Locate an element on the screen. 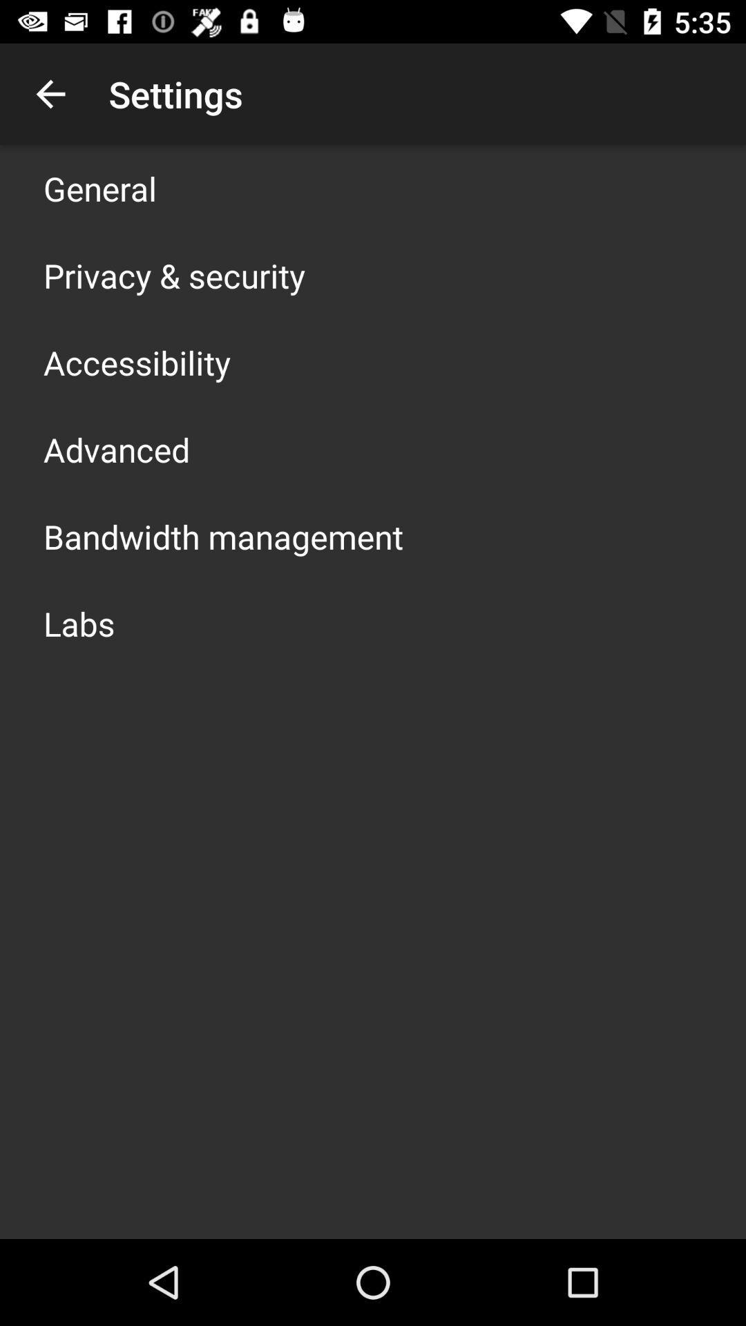 Image resolution: width=746 pixels, height=1326 pixels. the app below privacy & security icon is located at coordinates (137, 362).